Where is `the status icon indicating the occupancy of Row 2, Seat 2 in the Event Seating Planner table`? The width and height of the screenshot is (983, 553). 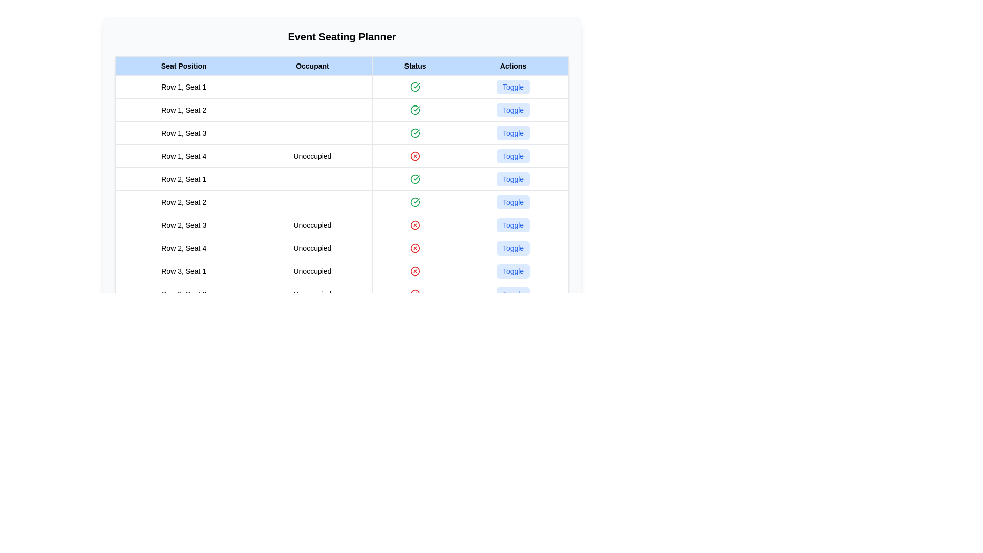 the status icon indicating the occupancy of Row 2, Seat 2 in the Event Seating Planner table is located at coordinates (415, 202).